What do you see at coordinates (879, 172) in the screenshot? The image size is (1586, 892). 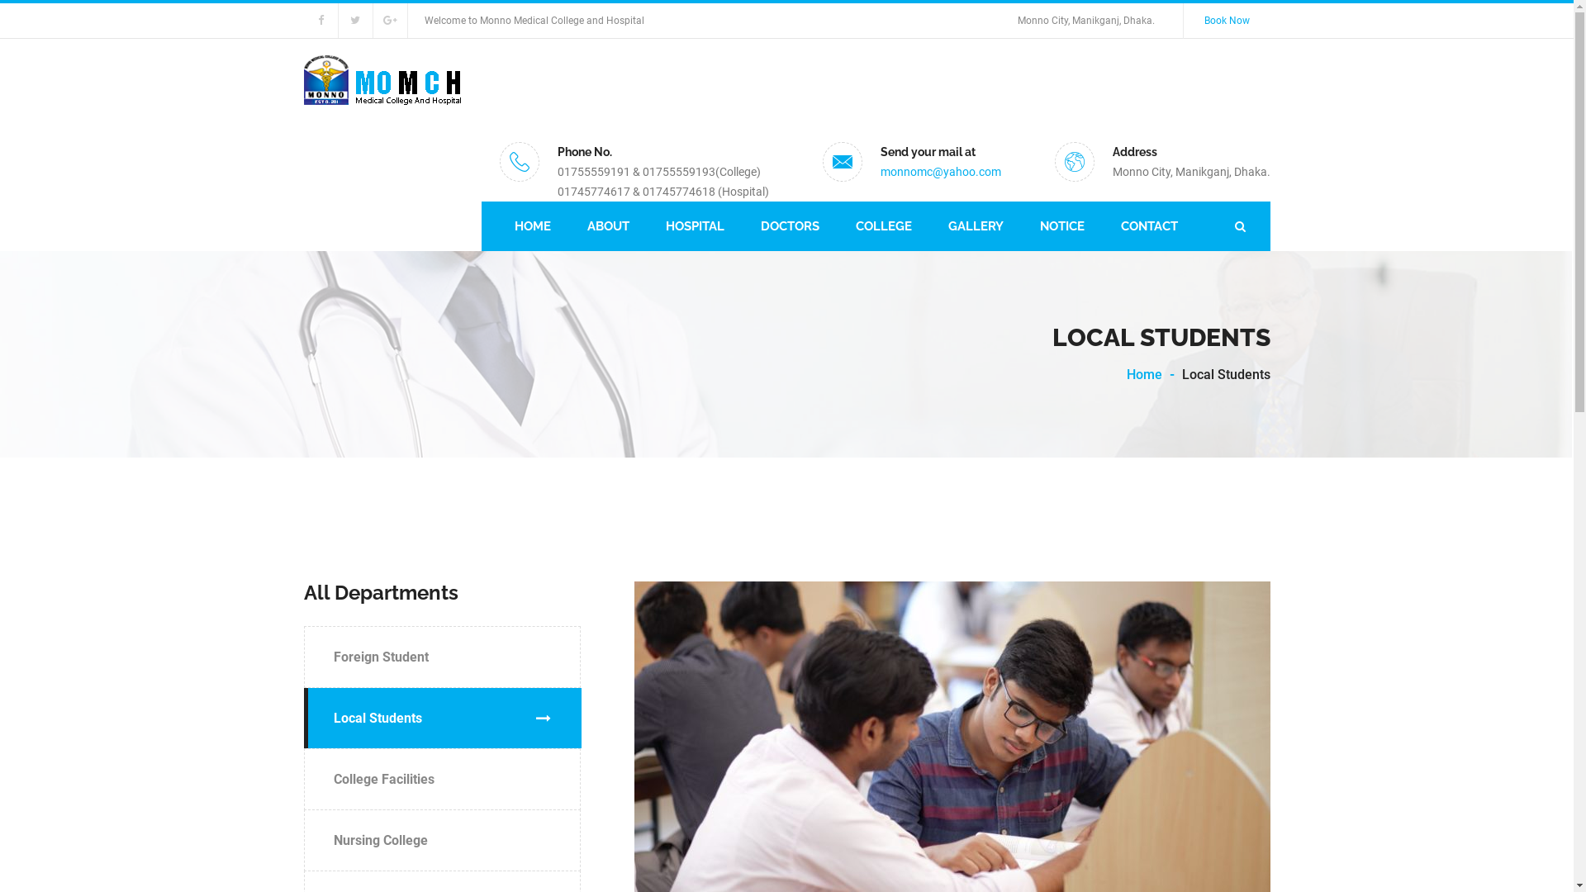 I see `'monnomc@yahoo.com'` at bounding box center [879, 172].